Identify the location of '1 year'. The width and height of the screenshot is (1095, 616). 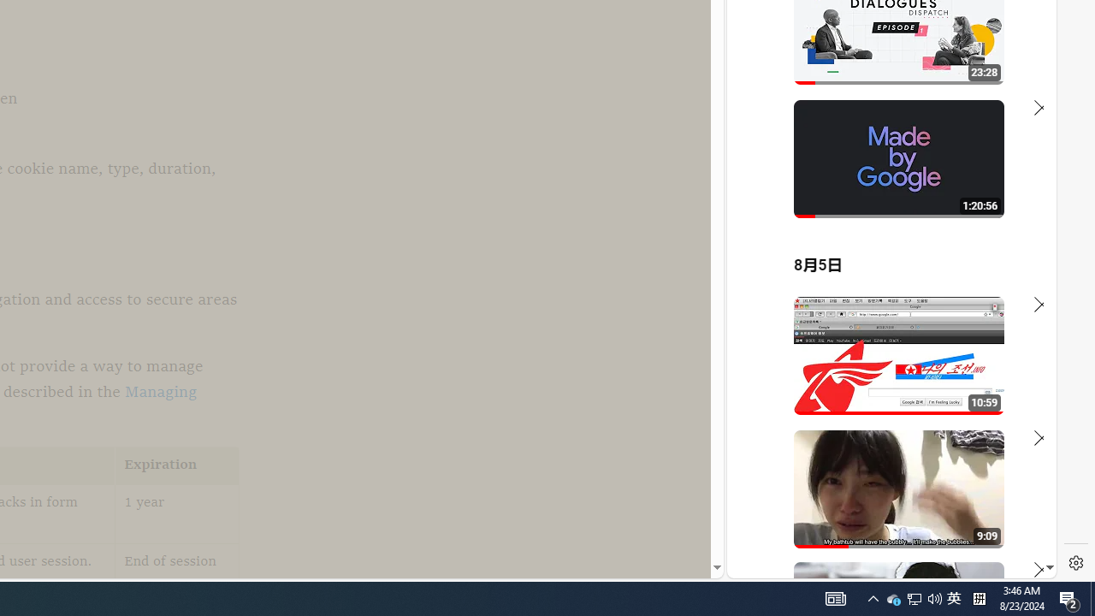
(177, 512).